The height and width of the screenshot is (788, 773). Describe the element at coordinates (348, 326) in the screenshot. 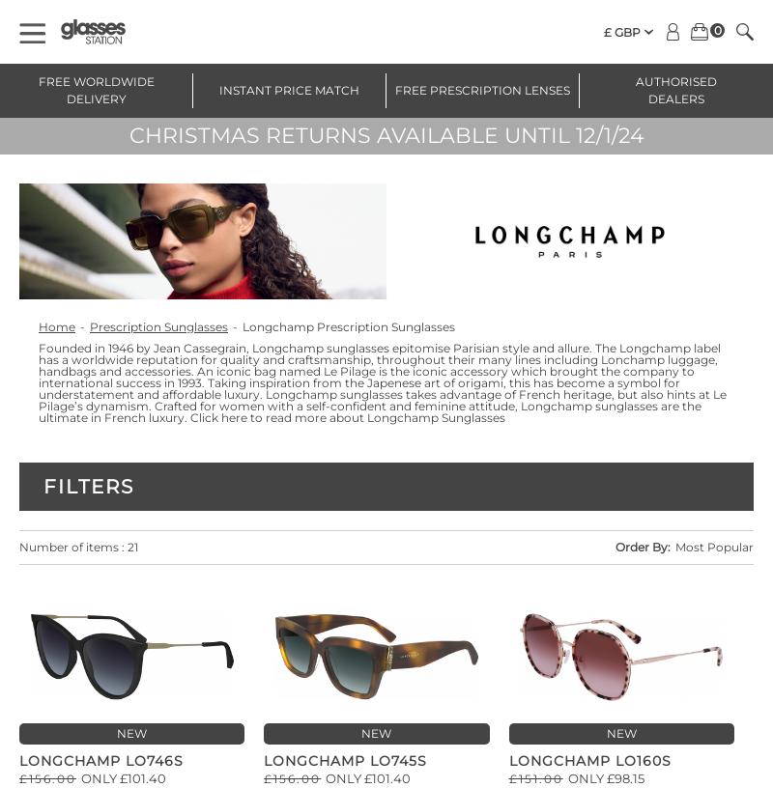

I see `'Longchamp Prescription Sunglasses'` at that location.